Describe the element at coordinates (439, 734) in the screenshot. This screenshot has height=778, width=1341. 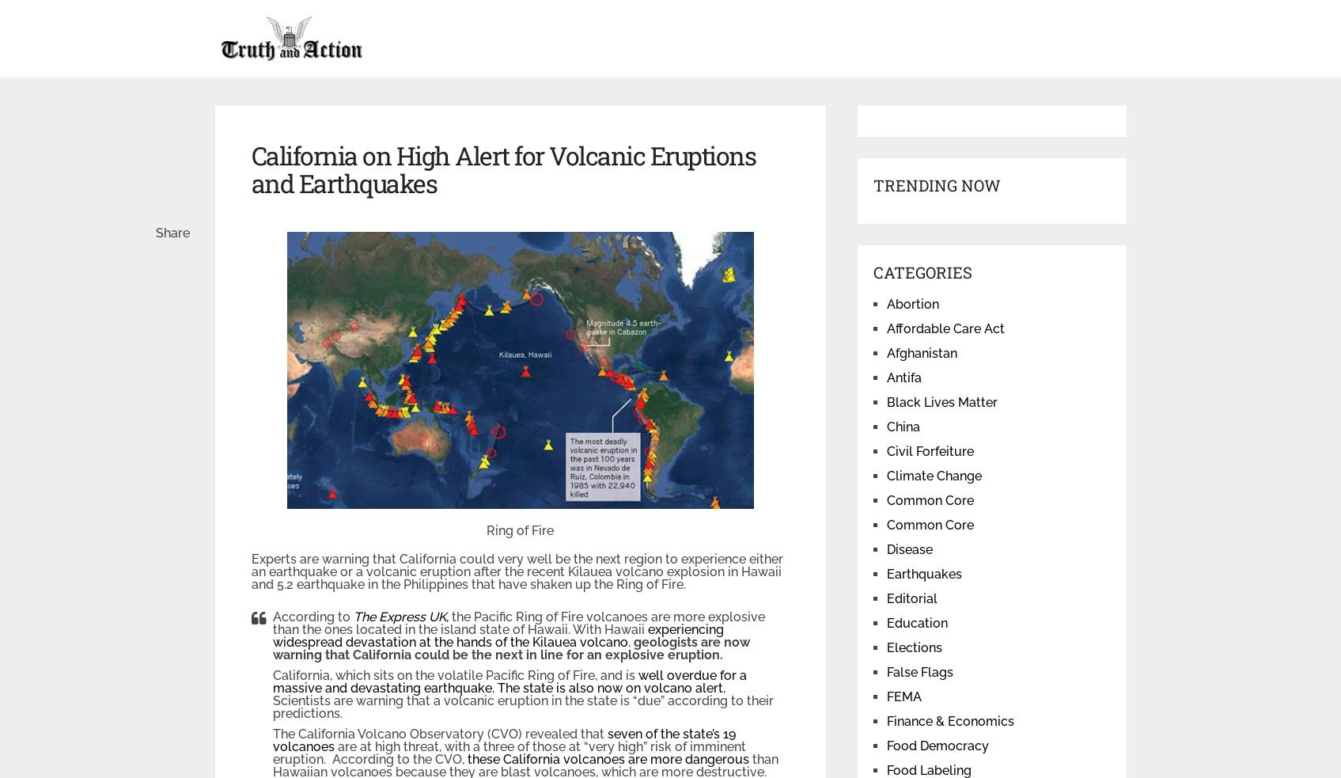
I see `'The California Volcano Observatory (CVO) revealed that'` at that location.